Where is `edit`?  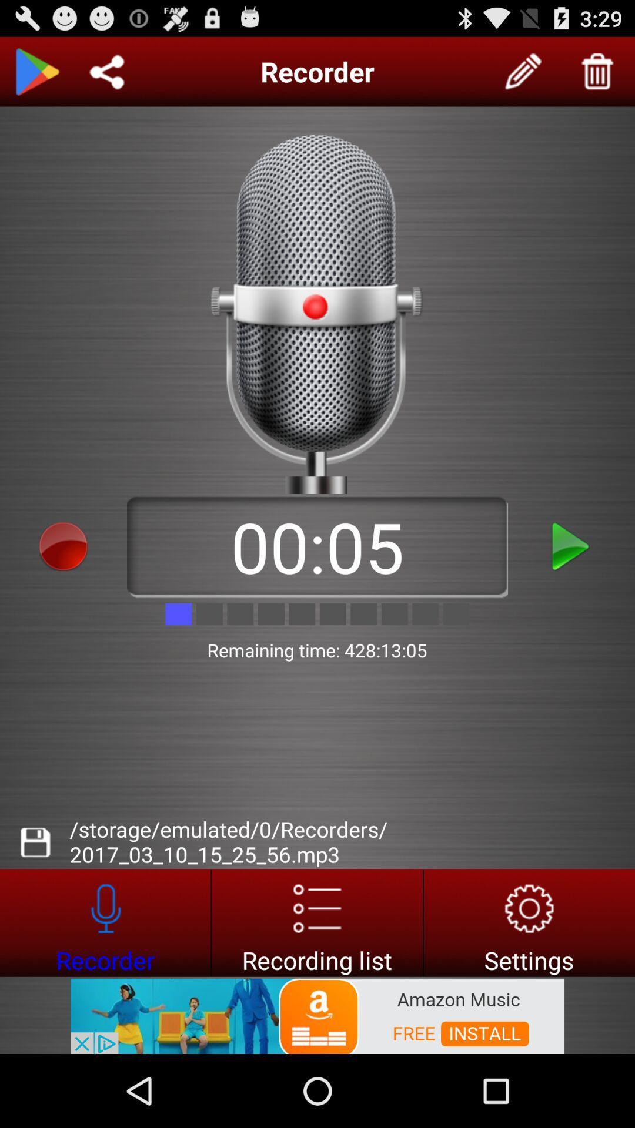 edit is located at coordinates (523, 71).